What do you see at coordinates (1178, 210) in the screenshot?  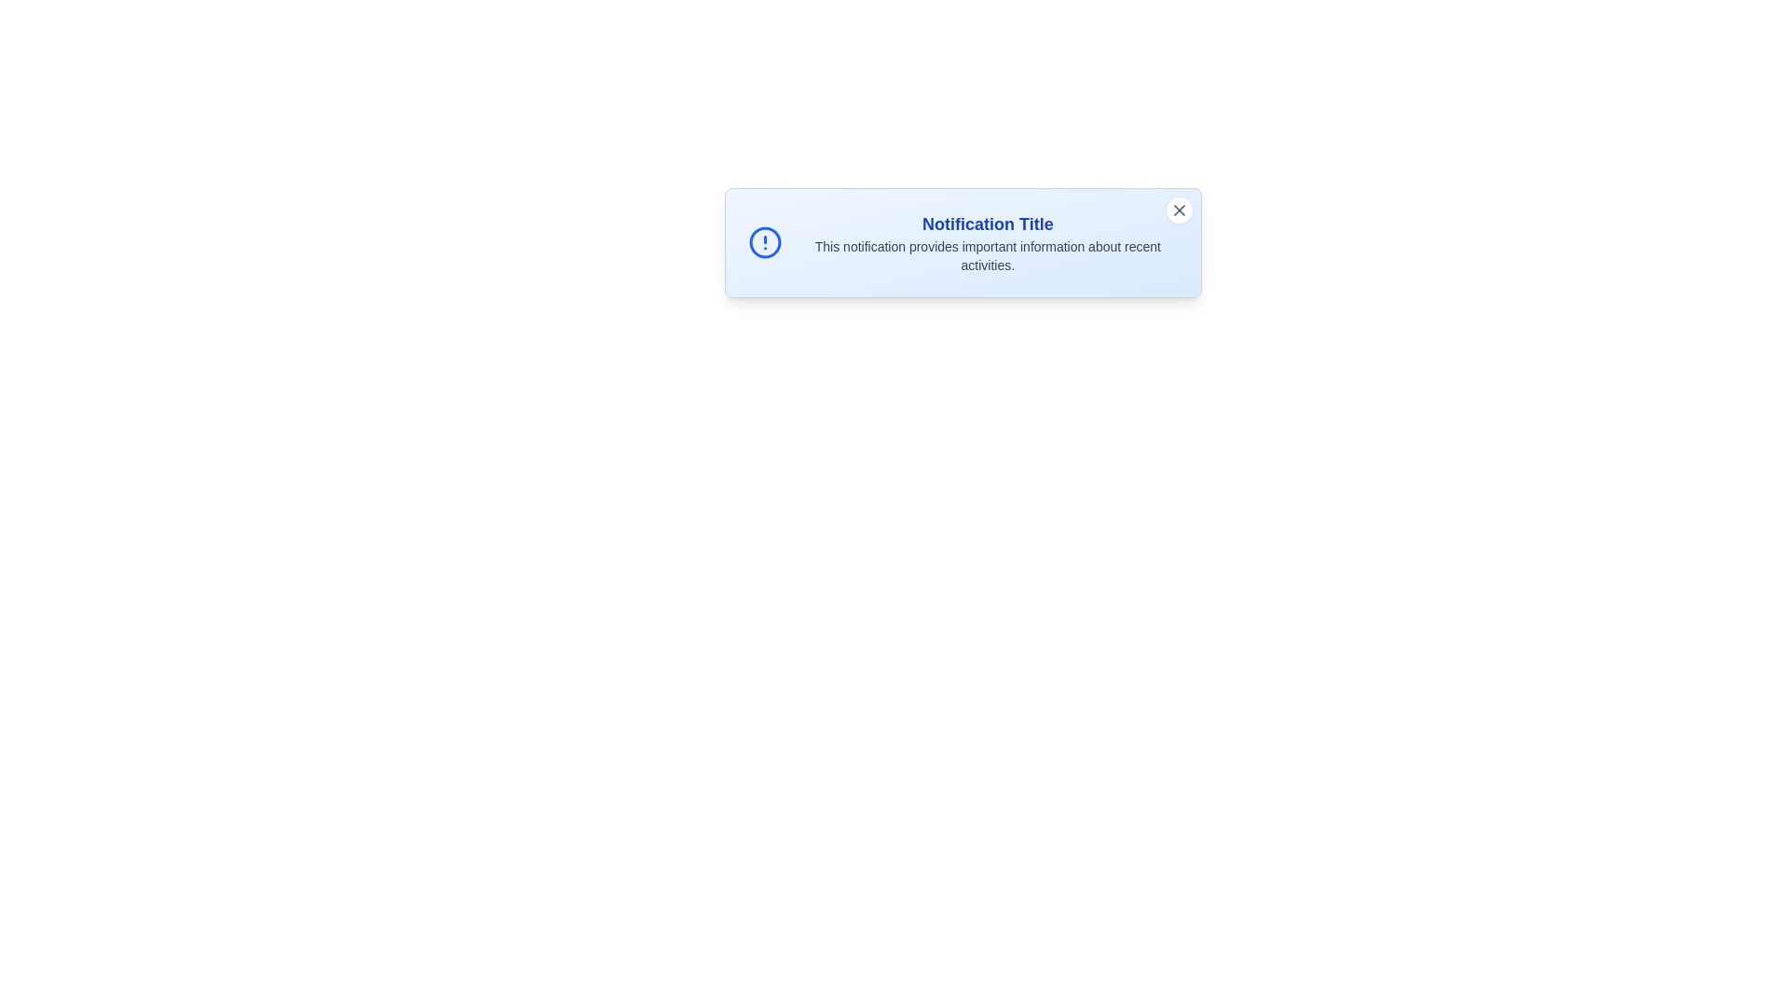 I see `the circular 'X' icon button located in the top-right corner of the notification card to observe the hover effect` at bounding box center [1178, 210].